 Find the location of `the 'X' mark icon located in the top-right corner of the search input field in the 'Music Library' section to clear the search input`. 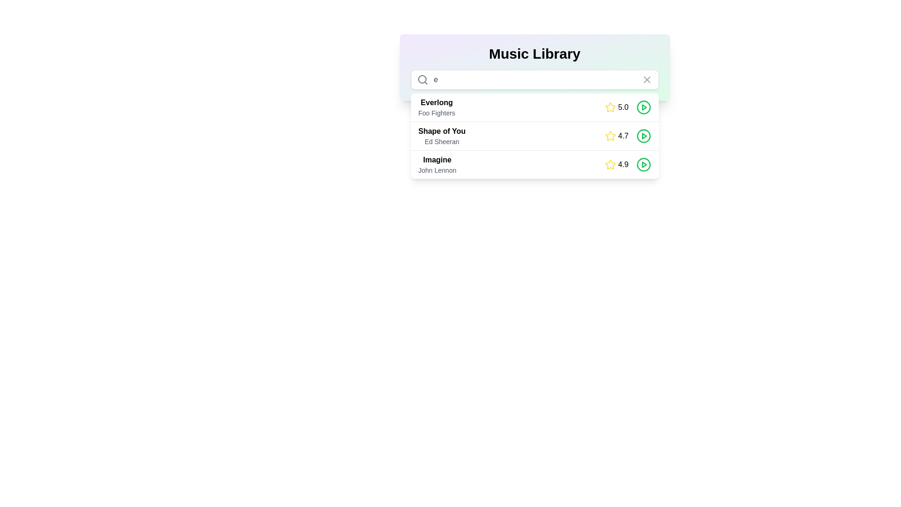

the 'X' mark icon located in the top-right corner of the search input field in the 'Music Library' section to clear the search input is located at coordinates (646, 79).